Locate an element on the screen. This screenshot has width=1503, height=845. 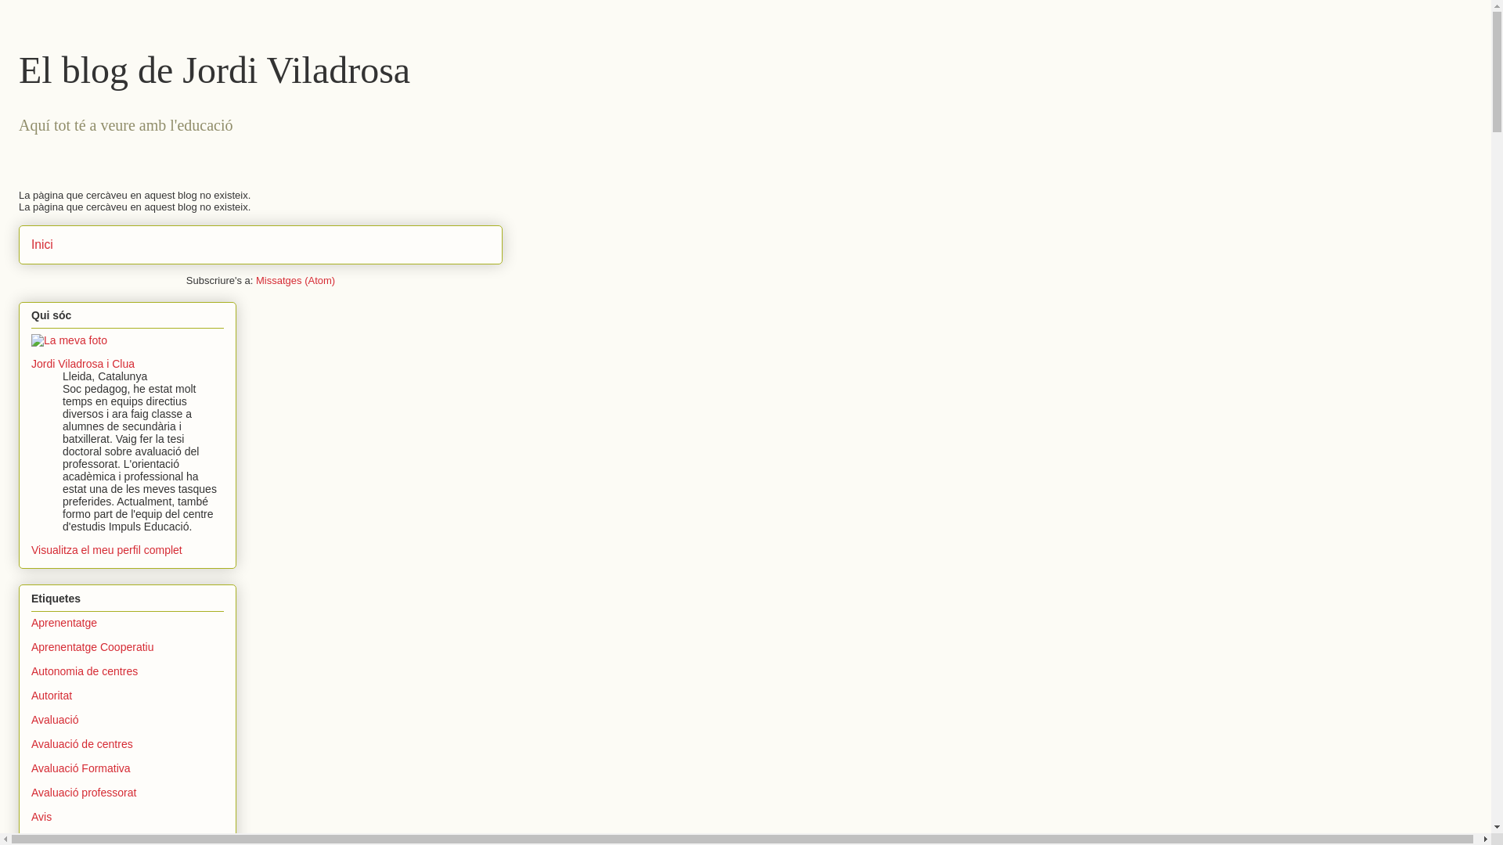
'Avis' is located at coordinates (41, 816).